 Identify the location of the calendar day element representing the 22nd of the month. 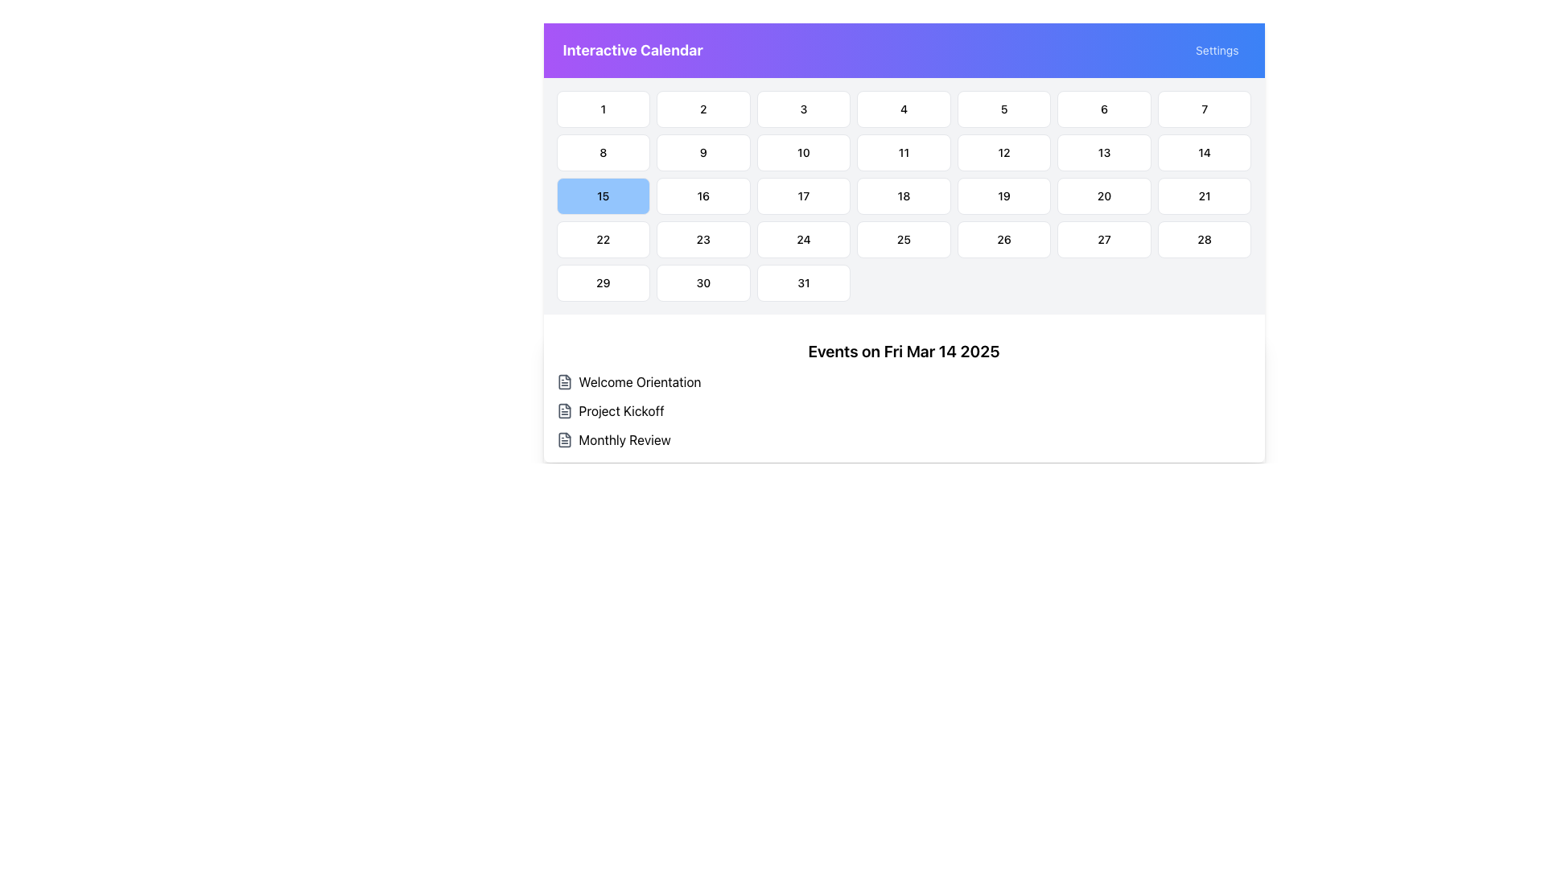
(602, 239).